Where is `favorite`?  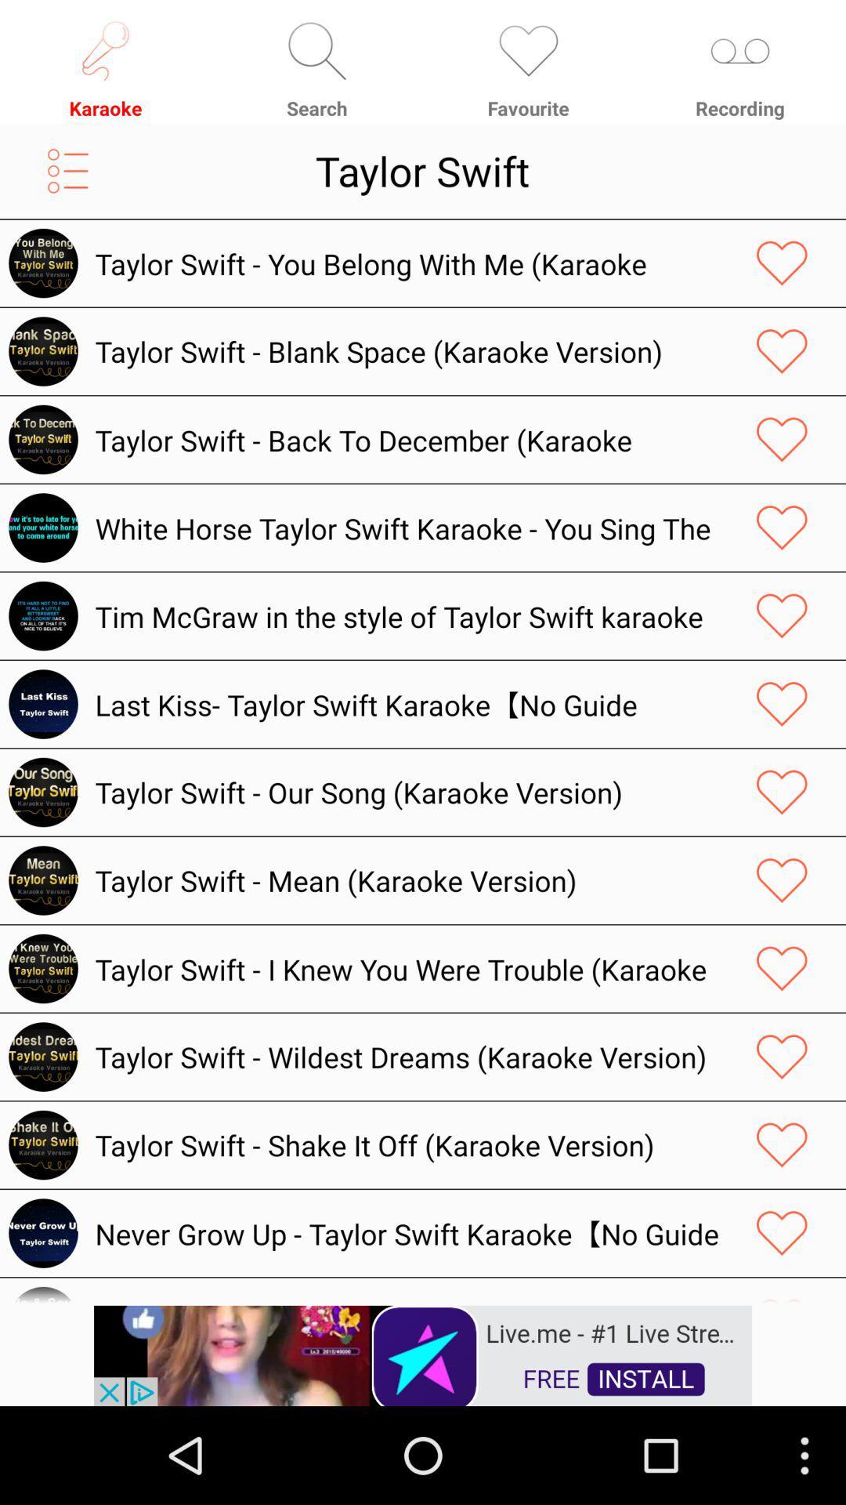 favorite is located at coordinates (782, 263).